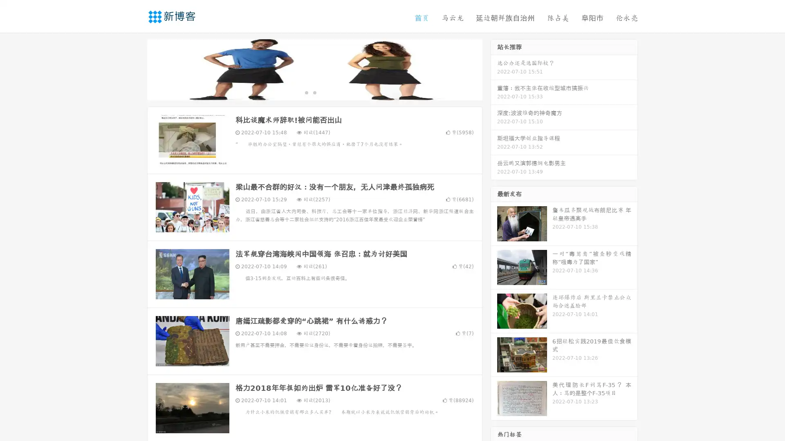 The width and height of the screenshot is (785, 441). What do you see at coordinates (135, 69) in the screenshot?
I see `Previous slide` at bounding box center [135, 69].